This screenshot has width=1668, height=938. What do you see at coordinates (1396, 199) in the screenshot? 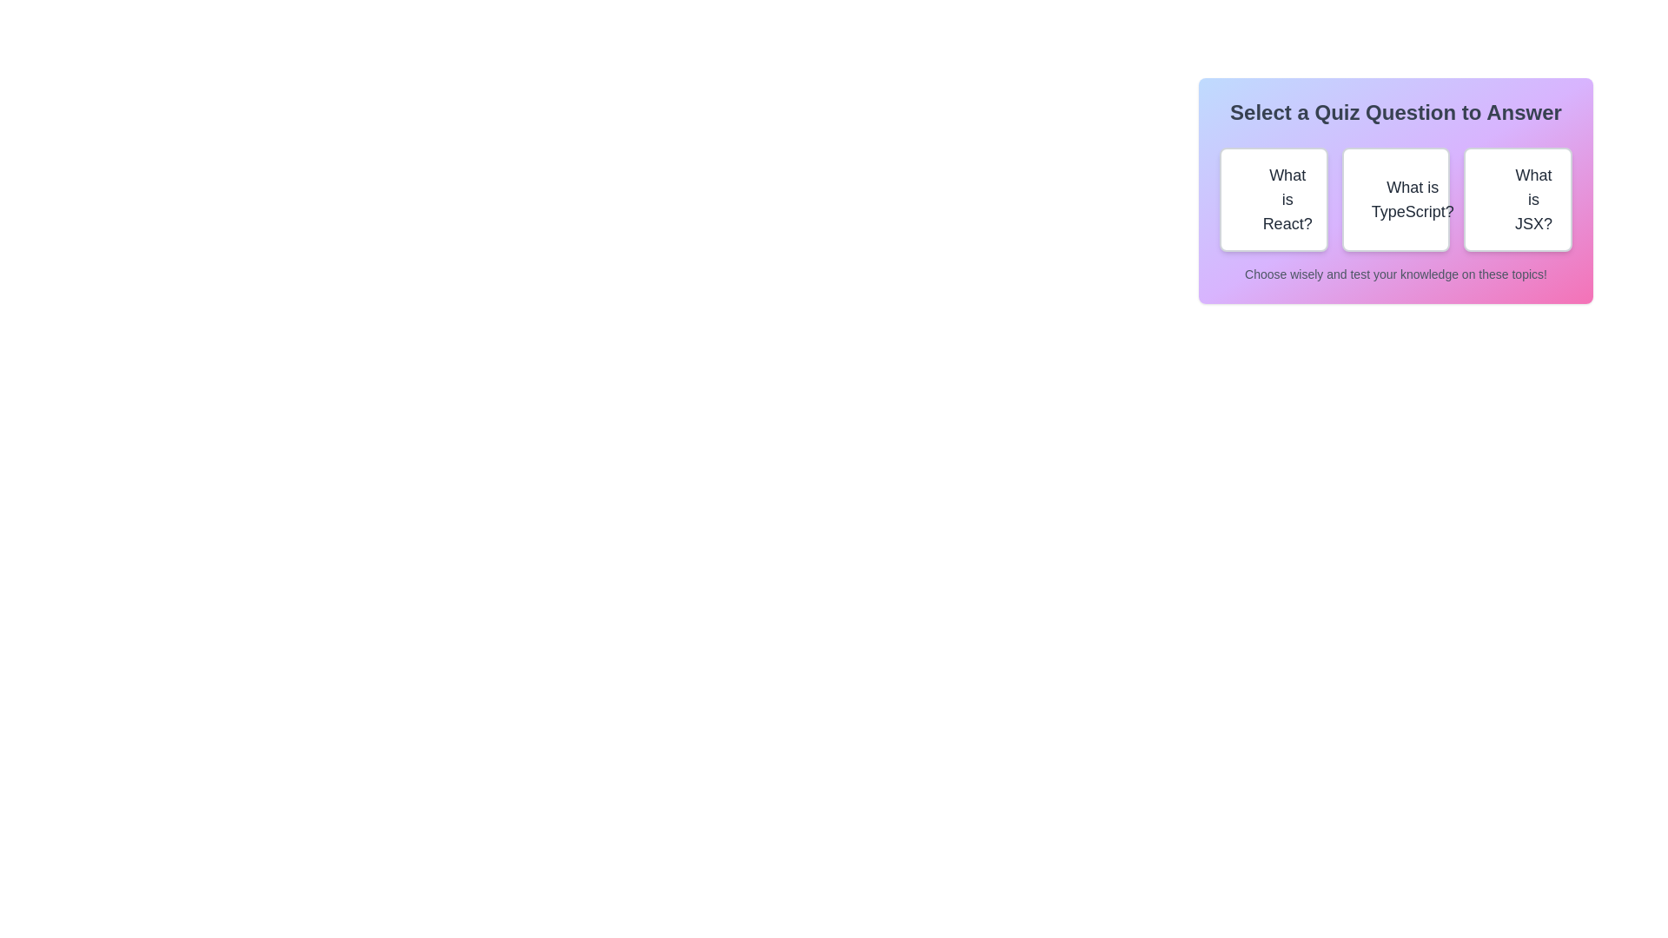
I see `the button labeled 'What is TypeScript?' which is the middle button in a row of three buttons within the section titled 'Select a Quiz Question to Answer'` at bounding box center [1396, 199].